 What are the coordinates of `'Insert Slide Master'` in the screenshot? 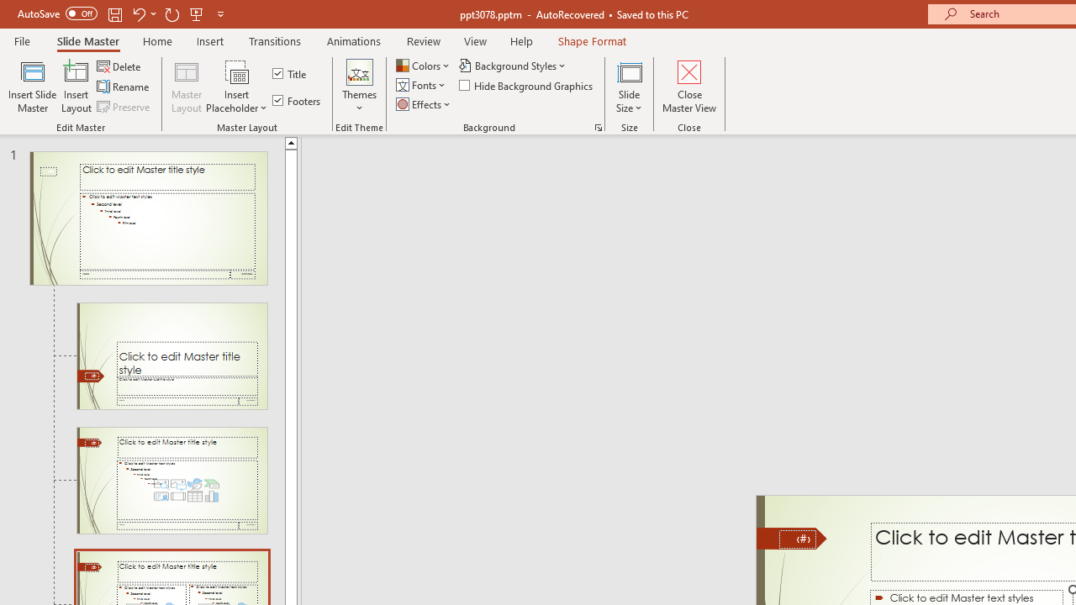 It's located at (33, 87).